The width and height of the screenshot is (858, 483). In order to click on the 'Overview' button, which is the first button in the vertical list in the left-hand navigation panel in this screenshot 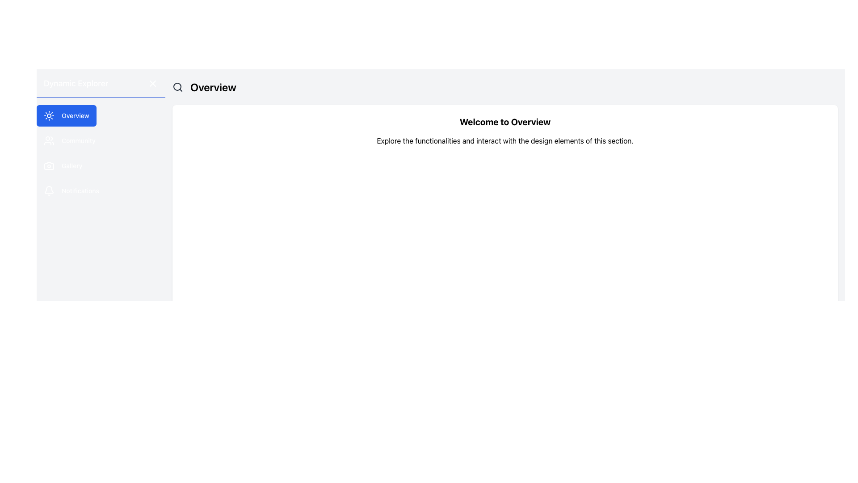, I will do `click(66, 115)`.